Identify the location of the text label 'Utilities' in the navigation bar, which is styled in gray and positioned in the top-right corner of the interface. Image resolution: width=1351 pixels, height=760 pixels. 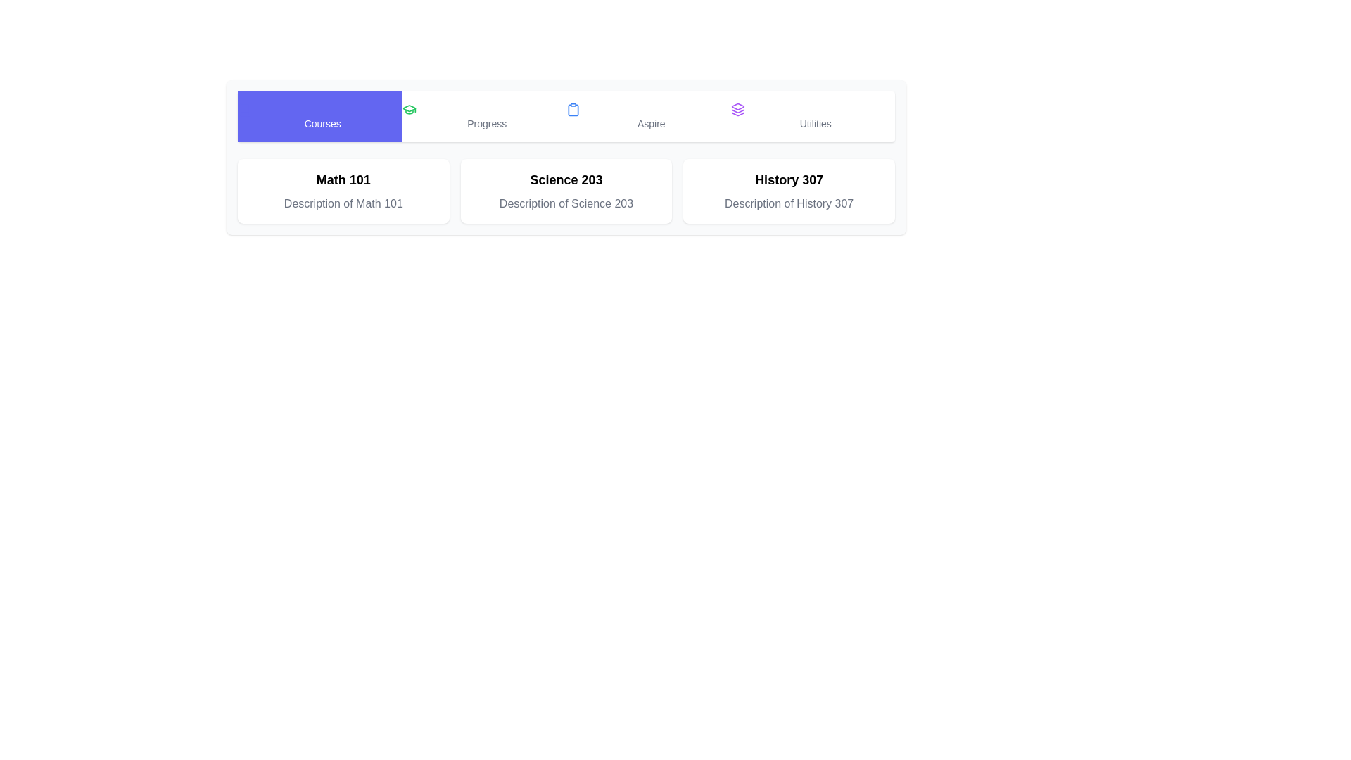
(816, 123).